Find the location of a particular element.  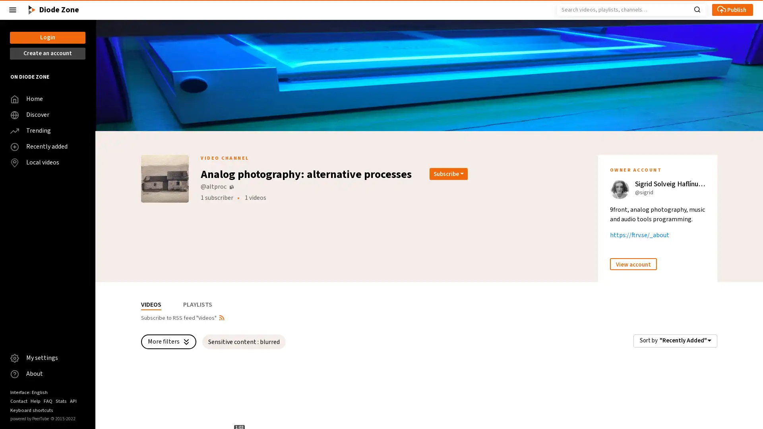

Open subscription dropdown is located at coordinates (448, 173).